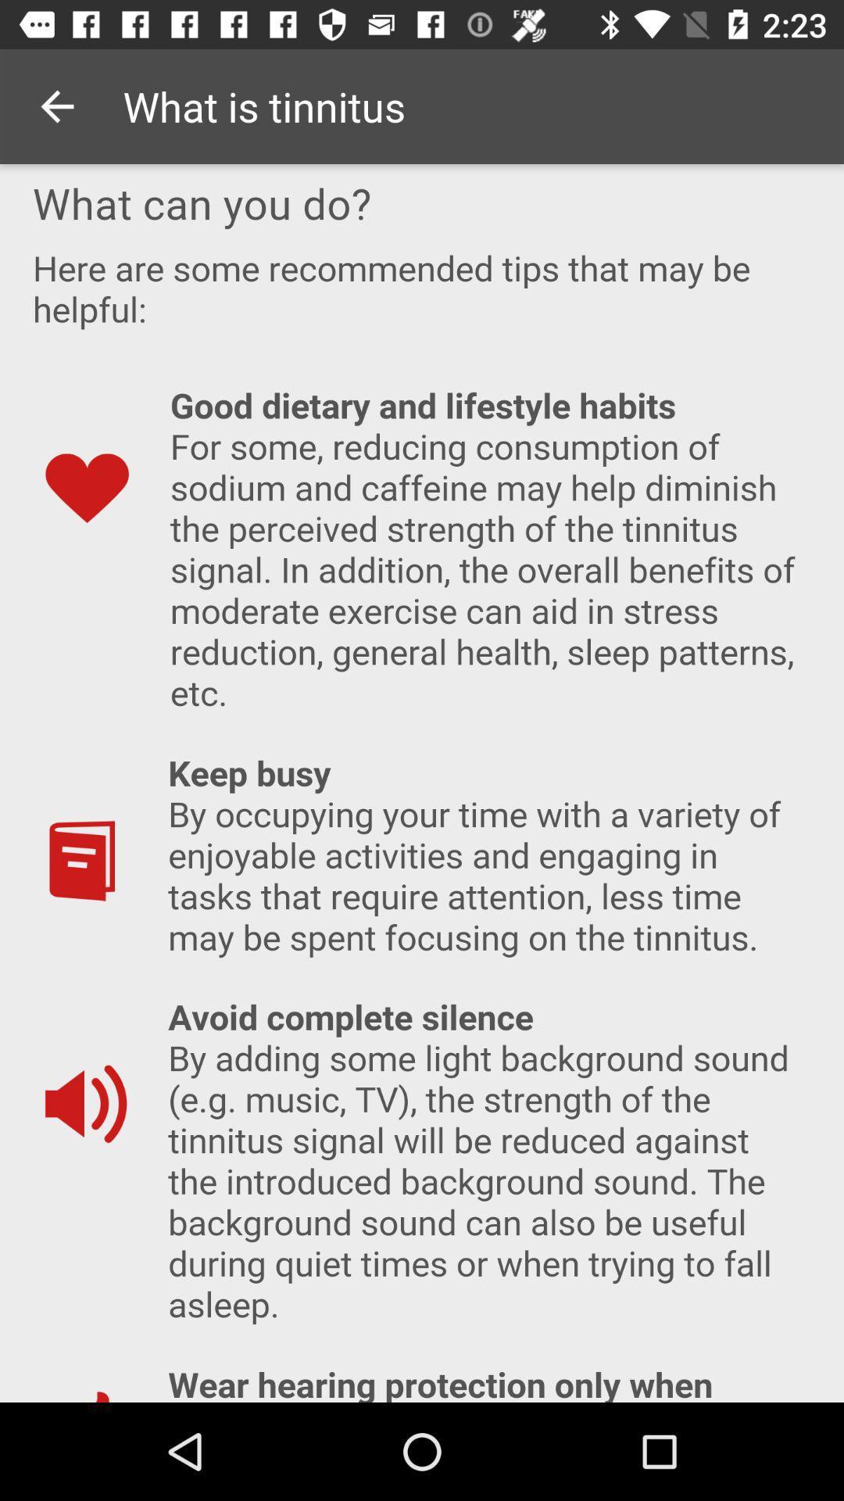 The image size is (844, 1501). I want to click on description, so click(422, 783).